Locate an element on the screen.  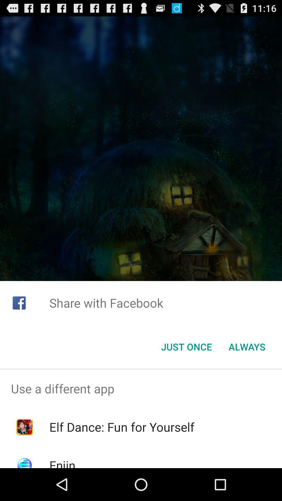
the app below the share with facebook app is located at coordinates (186, 347).